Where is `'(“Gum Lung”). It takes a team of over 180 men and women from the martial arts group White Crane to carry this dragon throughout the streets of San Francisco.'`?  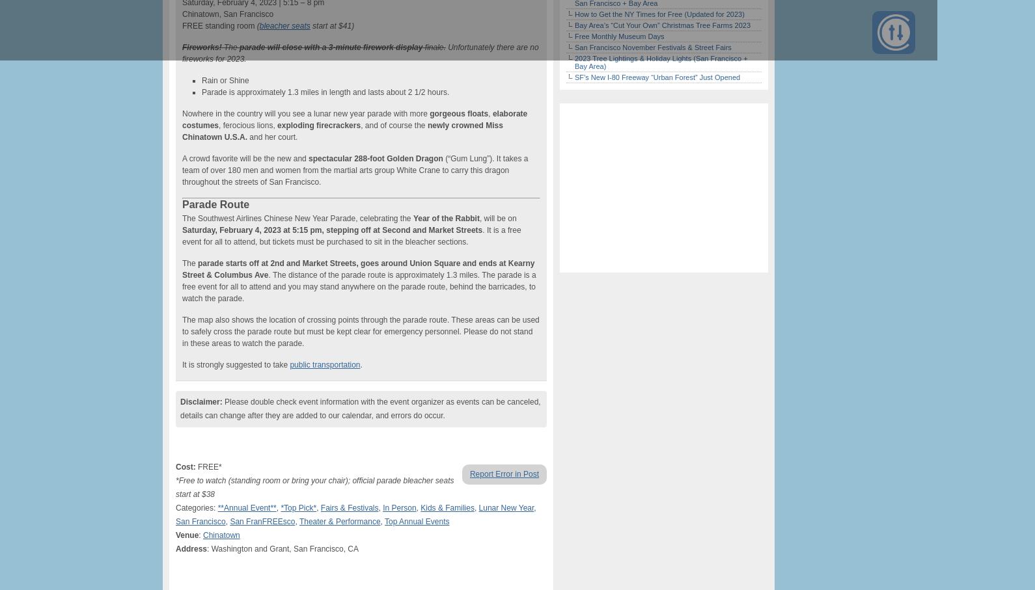 '(“Gum Lung”). It takes a team of over 180 men and women from the martial arts group White Crane to carry this dragon throughout the streets of San Francisco.' is located at coordinates (355, 170).